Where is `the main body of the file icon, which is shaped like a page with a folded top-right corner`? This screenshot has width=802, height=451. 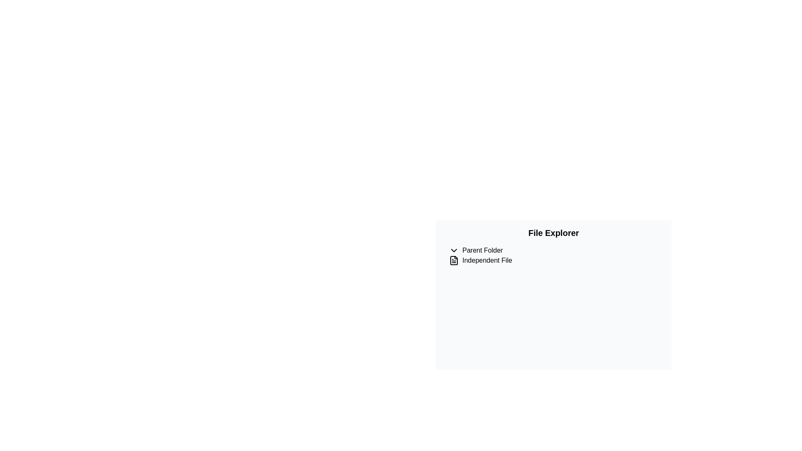 the main body of the file icon, which is shaped like a page with a folded top-right corner is located at coordinates (453, 260).